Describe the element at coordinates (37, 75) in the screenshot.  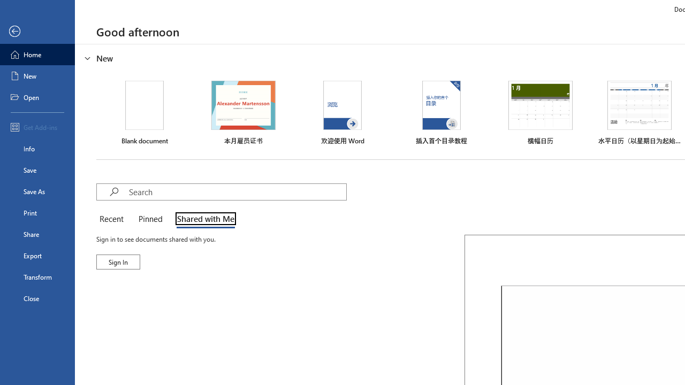
I see `'New'` at that location.